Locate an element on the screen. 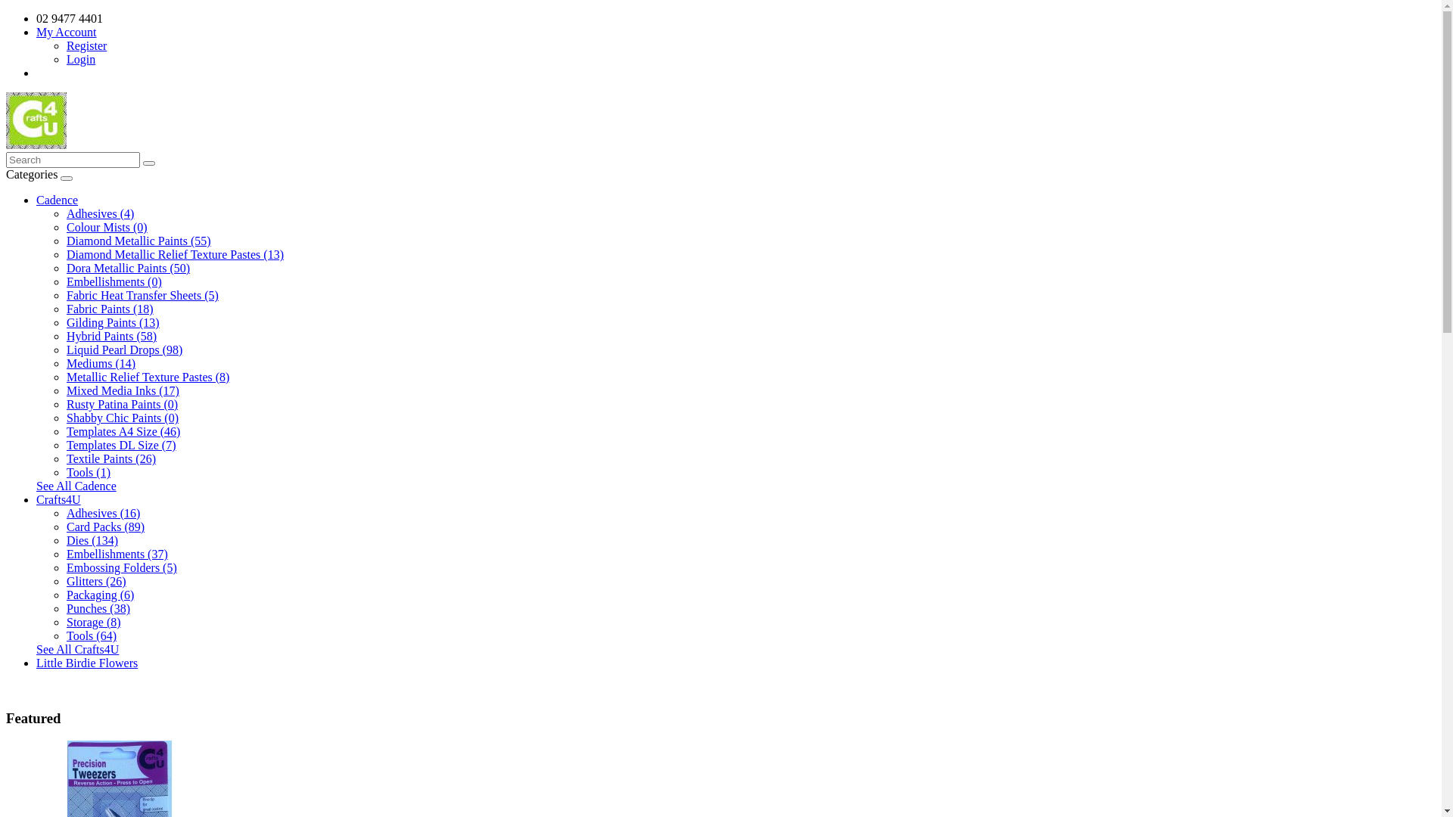  'Rusty Patina Paints (0)' is located at coordinates (122, 403).